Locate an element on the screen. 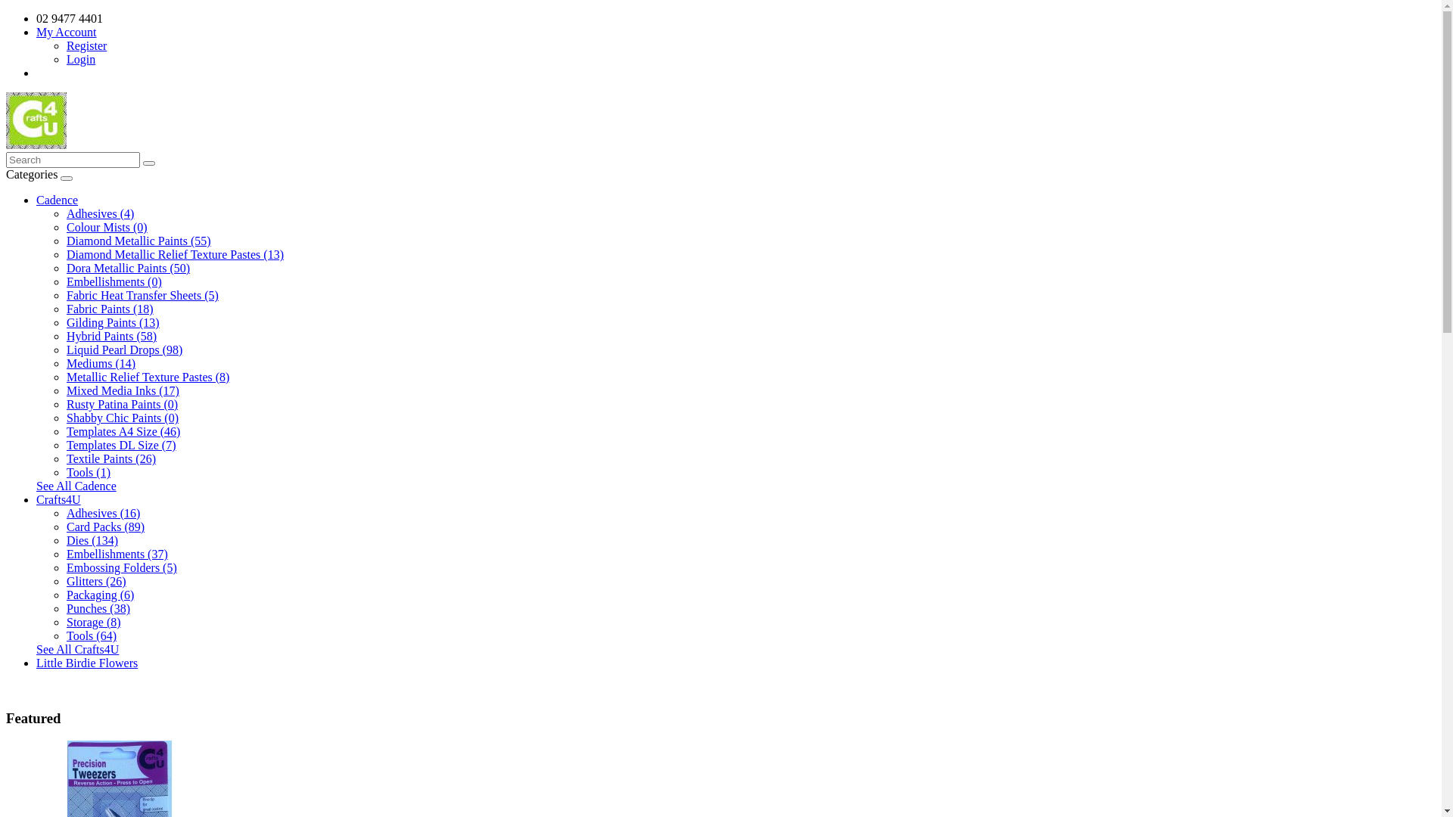  'Rusty Patina Paints (0)' is located at coordinates (122, 403).